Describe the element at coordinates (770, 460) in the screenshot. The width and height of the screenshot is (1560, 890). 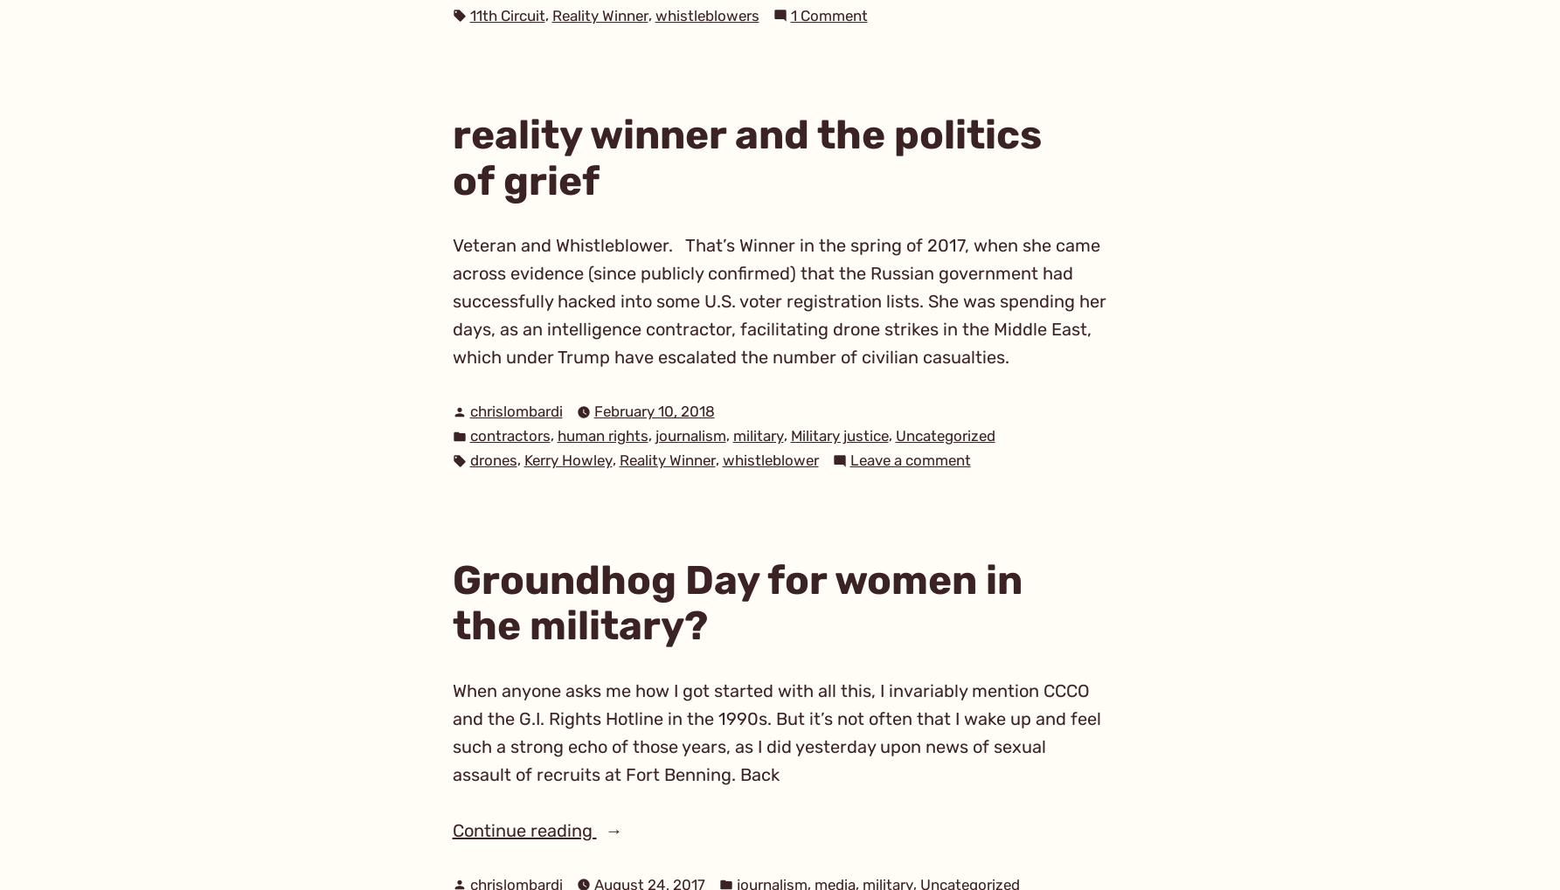
I see `'whistleblower'` at that location.